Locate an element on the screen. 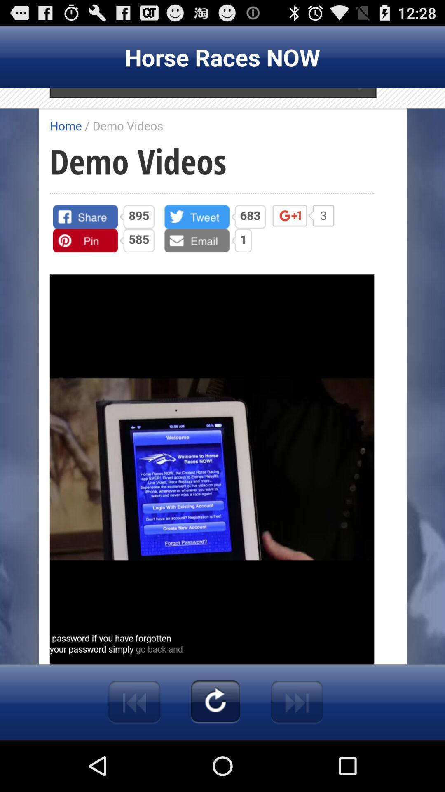 The height and width of the screenshot is (792, 445). the refresh icon is located at coordinates (215, 751).